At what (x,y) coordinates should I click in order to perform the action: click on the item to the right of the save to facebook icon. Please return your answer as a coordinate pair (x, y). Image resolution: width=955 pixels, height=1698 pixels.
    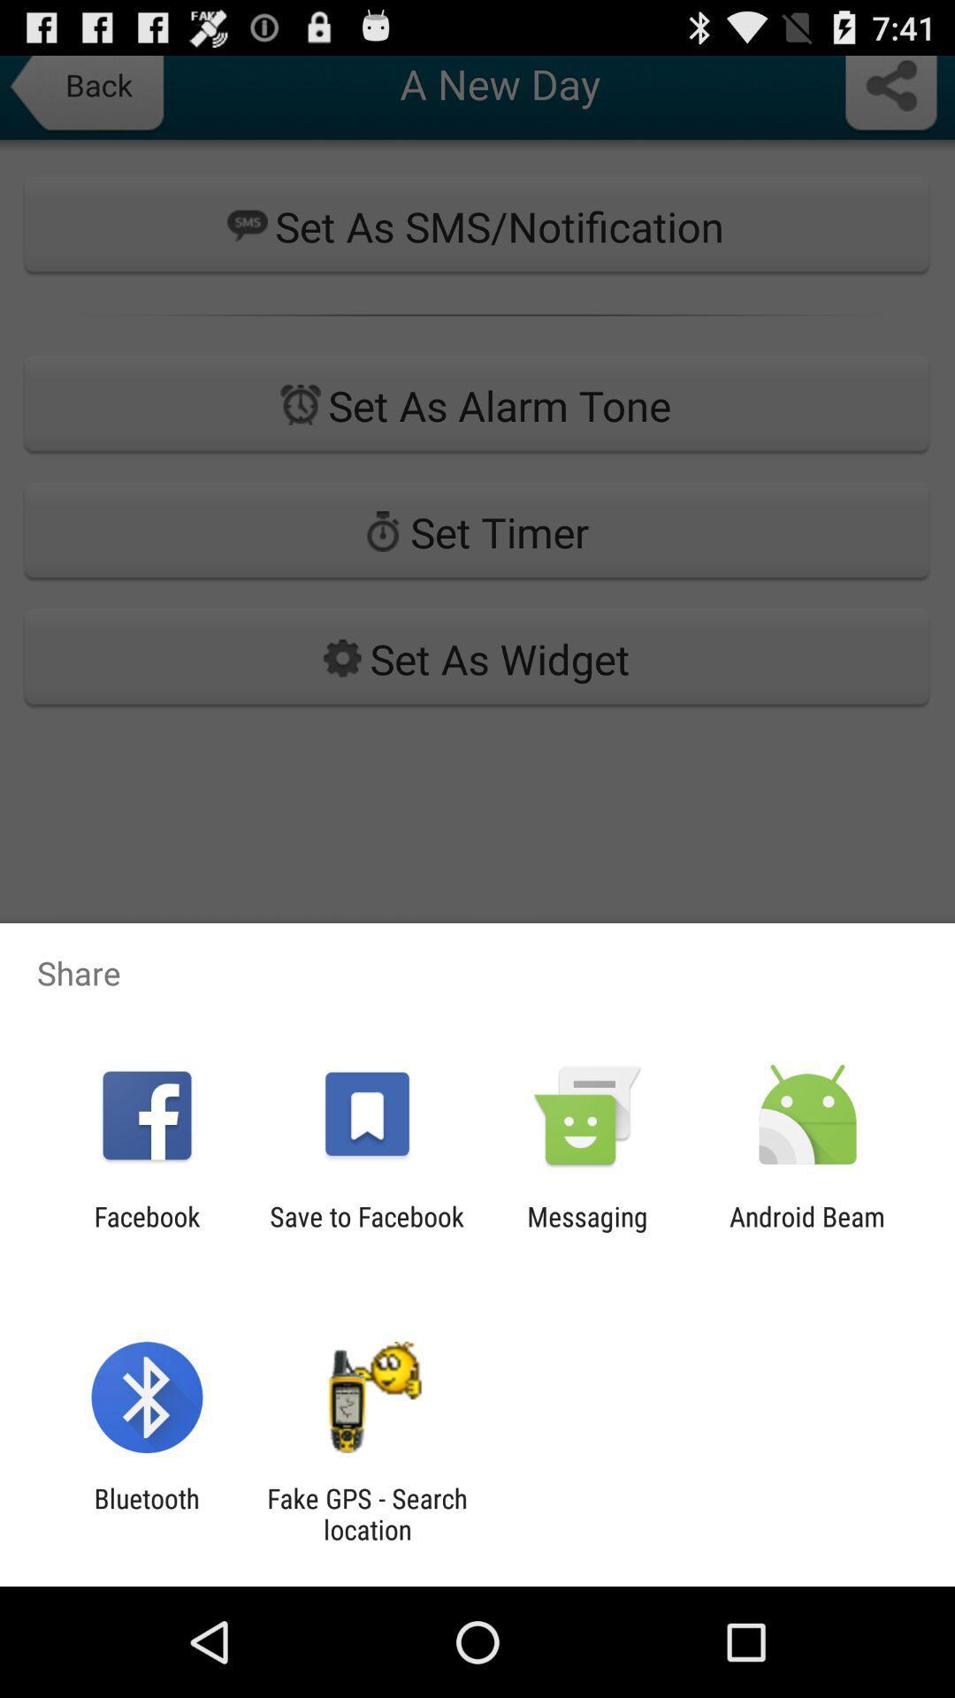
    Looking at the image, I should click on (587, 1231).